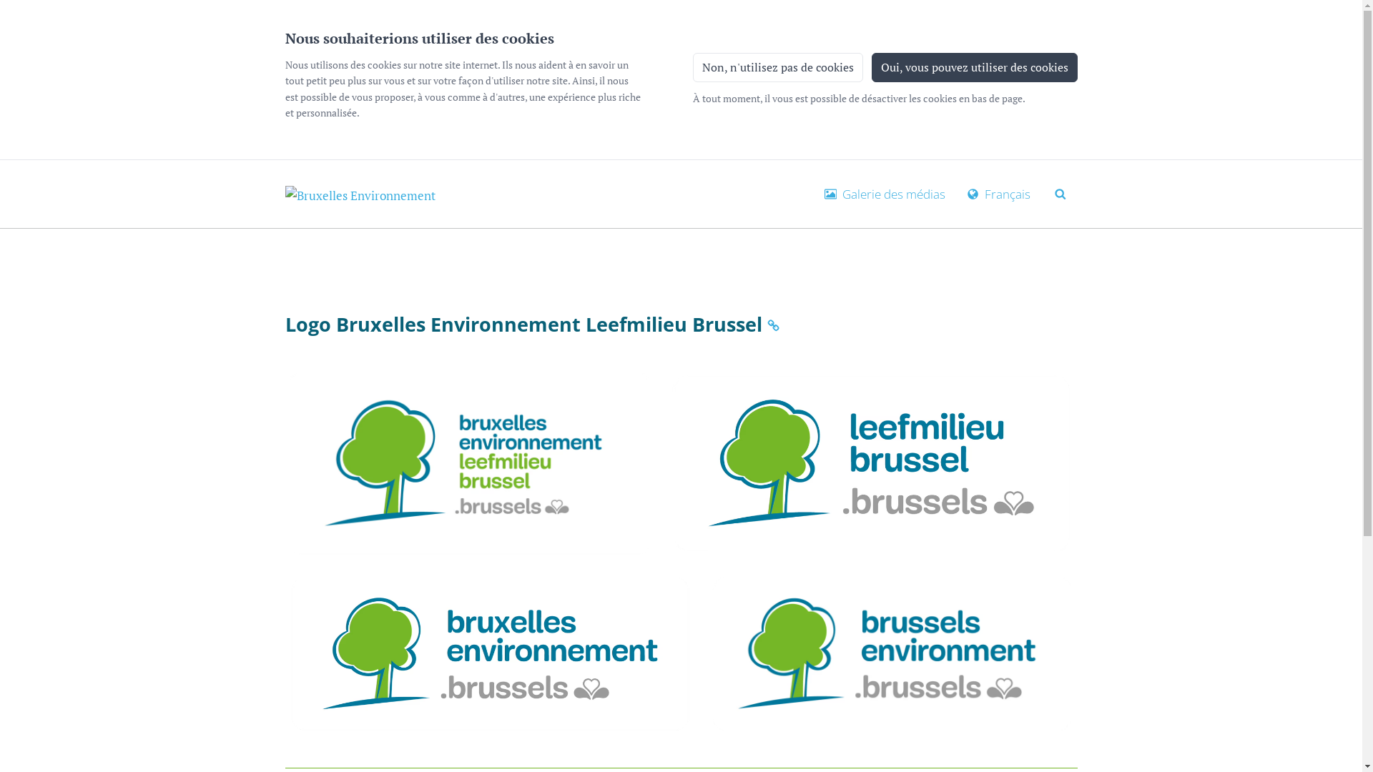  I want to click on 'Non, n'utilisez pas de cookies', so click(776, 66).